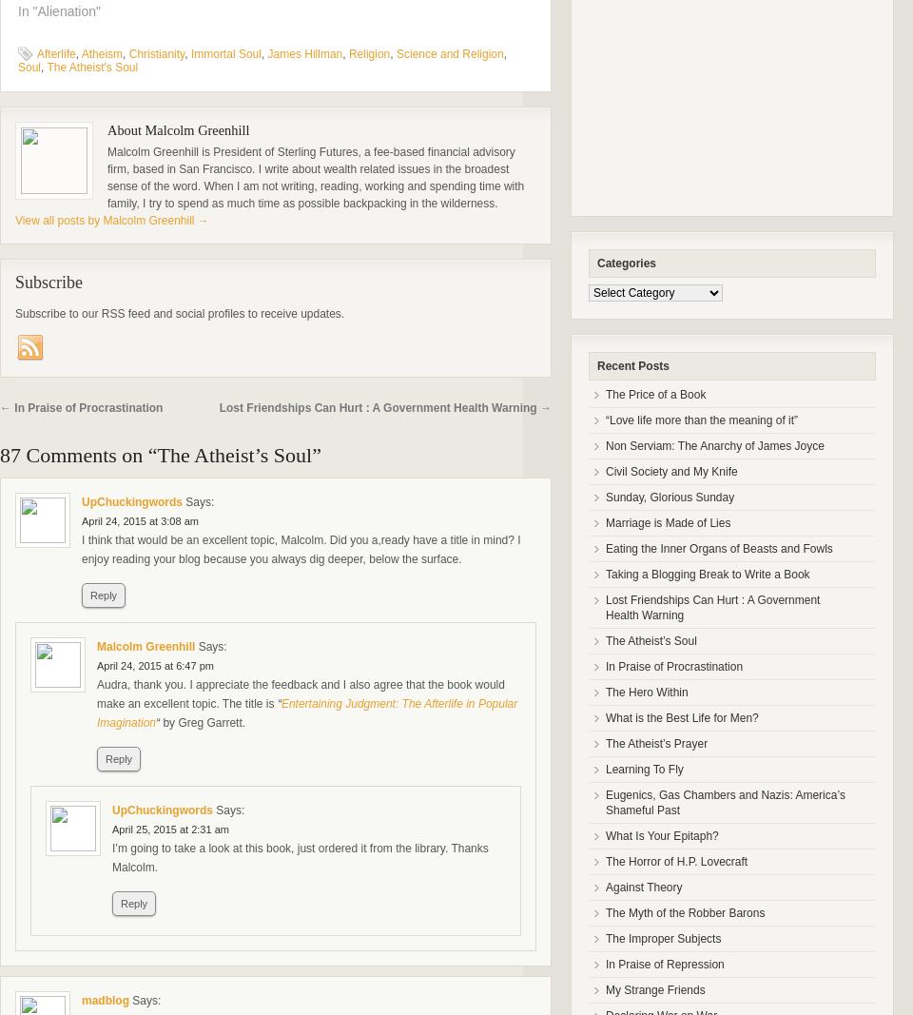  I want to click on 'Atheism', so click(102, 52).